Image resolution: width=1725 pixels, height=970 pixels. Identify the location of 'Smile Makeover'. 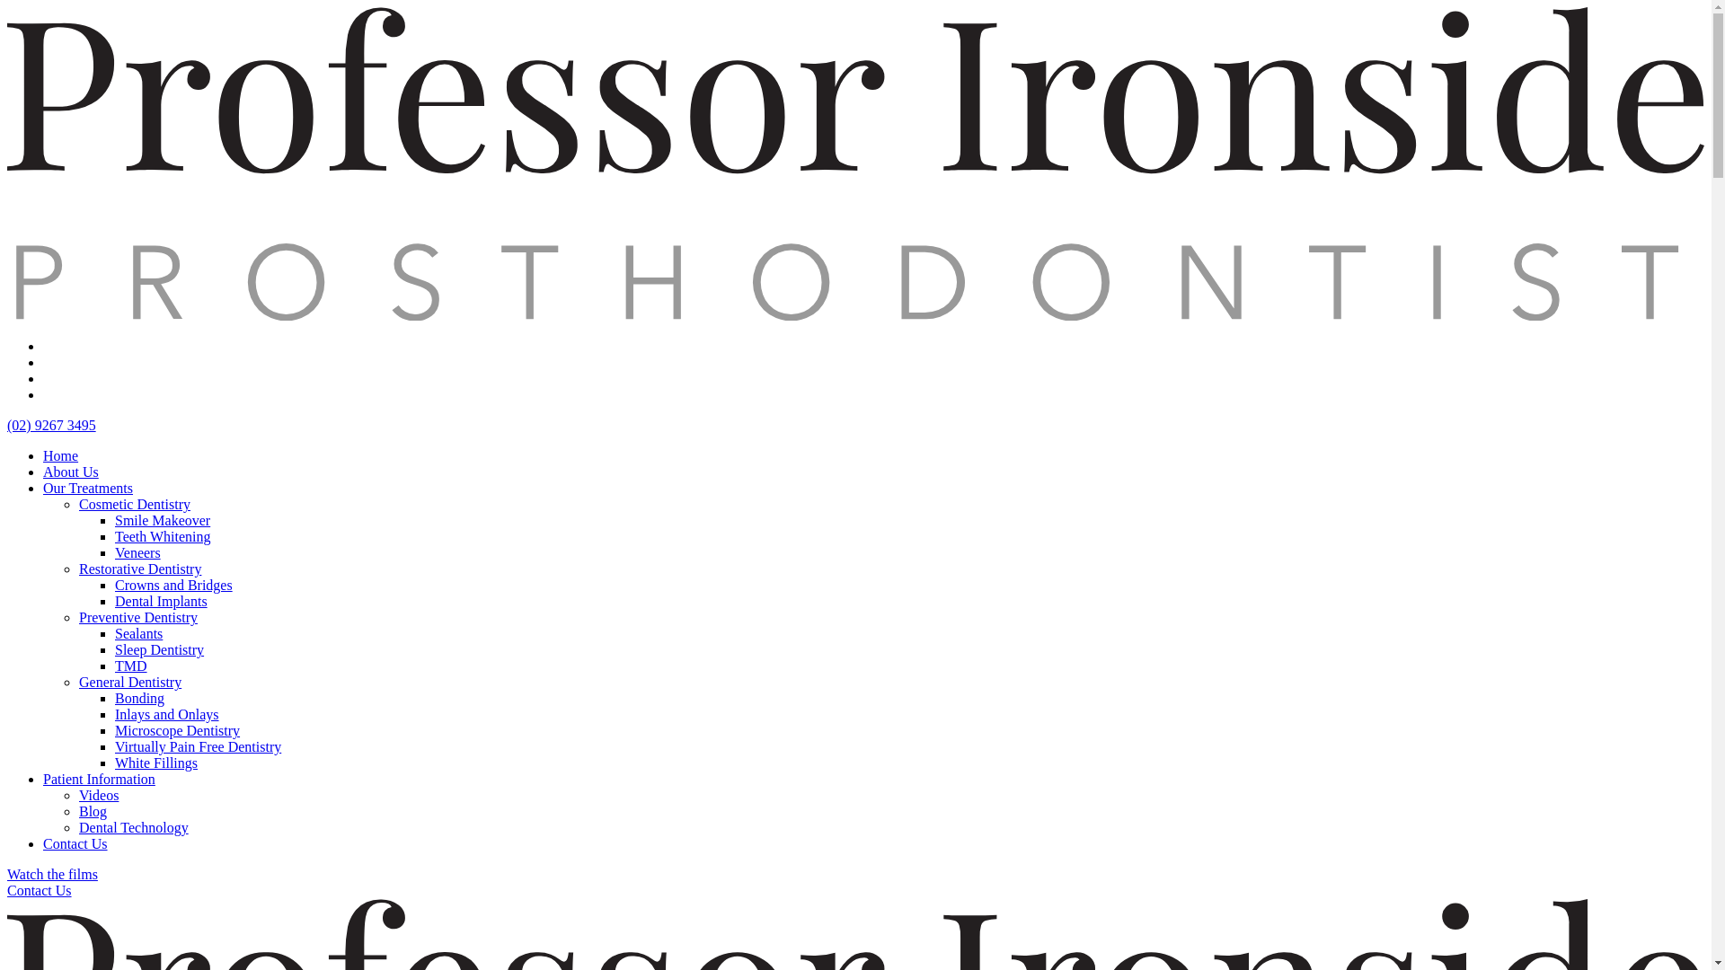
(163, 520).